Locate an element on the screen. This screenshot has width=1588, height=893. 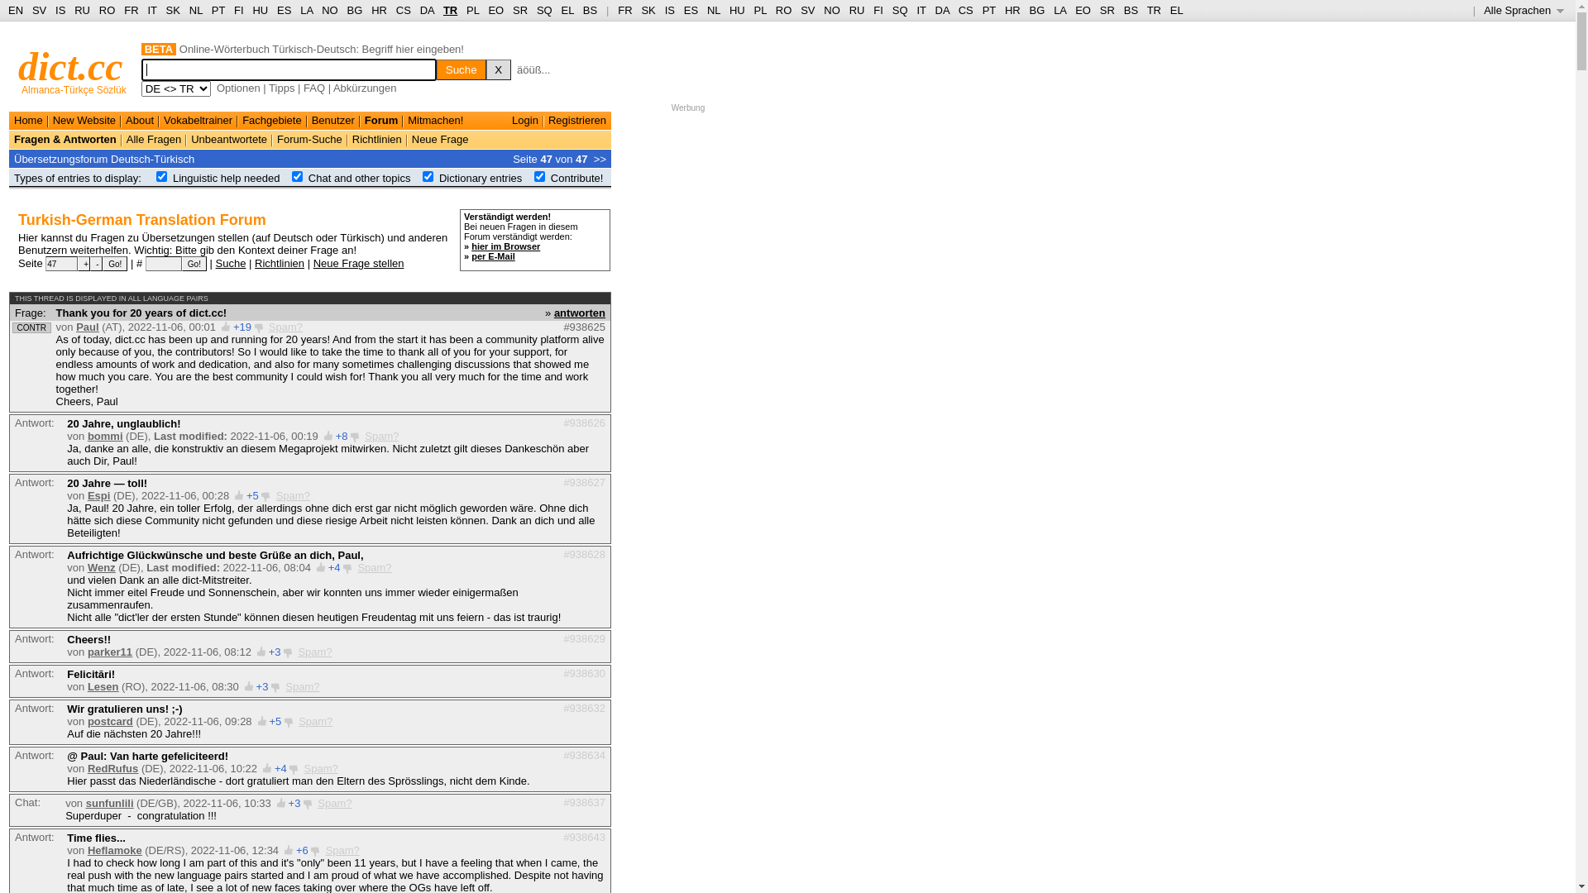
'SV' is located at coordinates (807, 10).